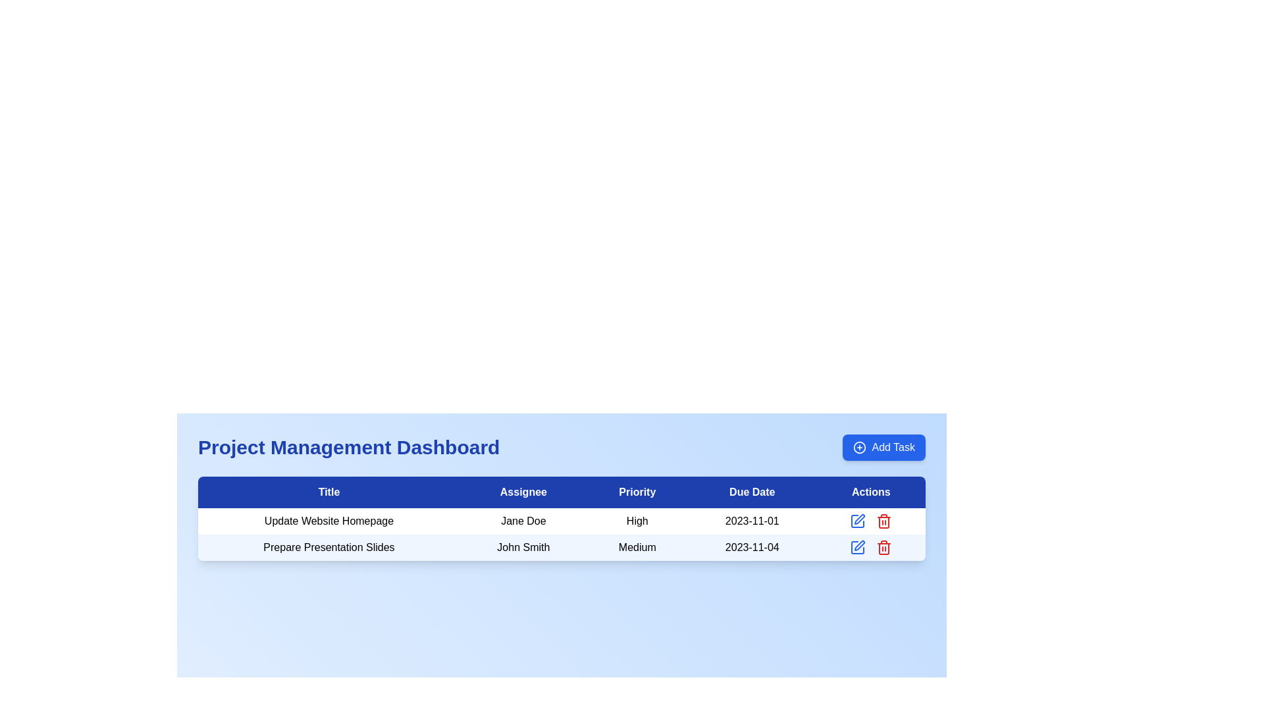 The height and width of the screenshot is (711, 1264). Describe the element at coordinates (752, 492) in the screenshot. I see `the 'Due Date' text label, which is the fourth header in the table, located between 'Priority' and 'Actions'` at that location.